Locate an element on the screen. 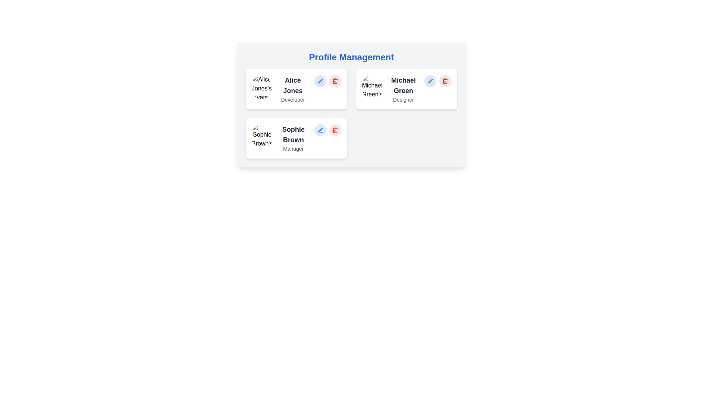  the rounded profile image of 'Michael Green', which is located in the top right corner of the profile grid layout, adjacent to his name and title is located at coordinates (372, 87).